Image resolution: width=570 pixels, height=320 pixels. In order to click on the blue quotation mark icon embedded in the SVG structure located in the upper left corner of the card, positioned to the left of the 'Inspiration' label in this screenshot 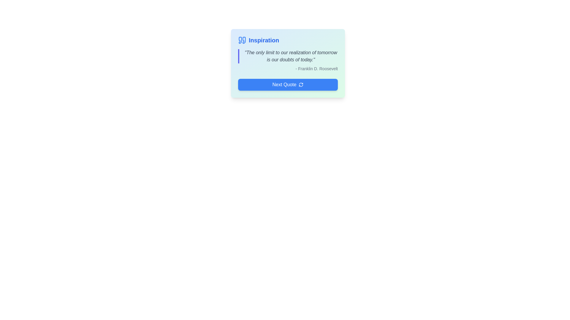, I will do `click(244, 40)`.